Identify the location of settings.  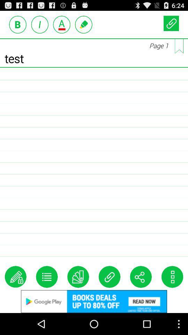
(172, 277).